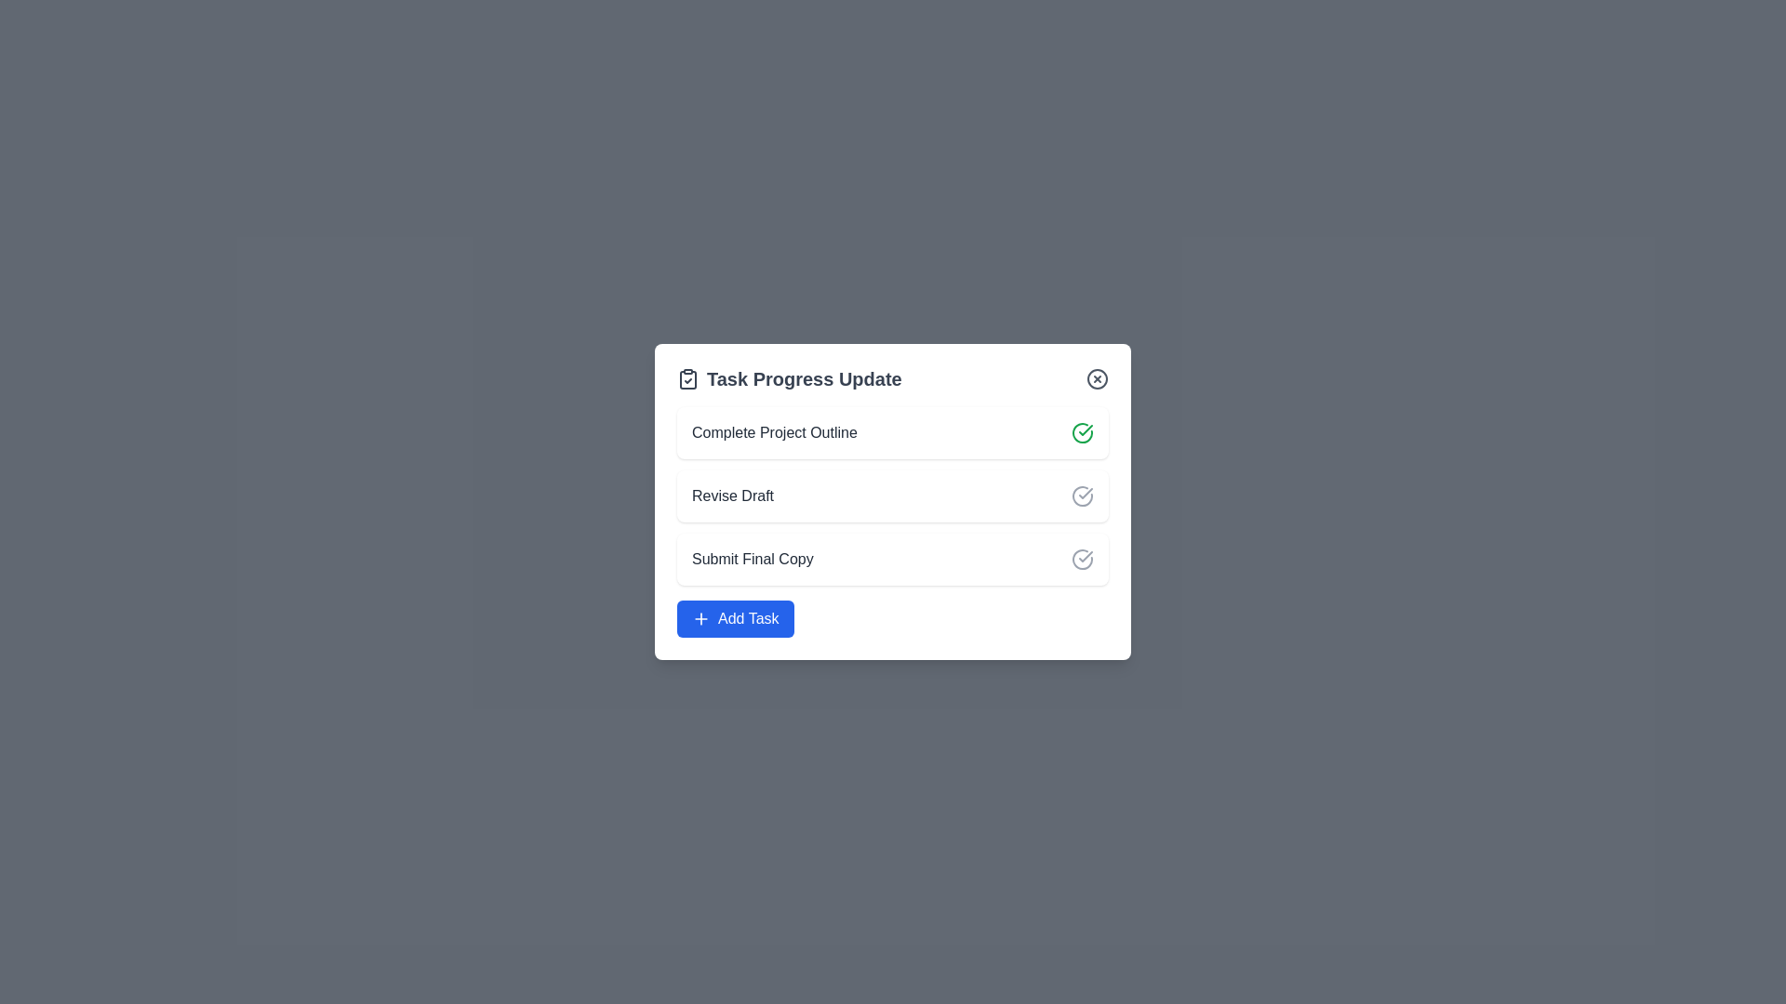  Describe the element at coordinates (1082, 433) in the screenshot. I see `the green circular check mark icon located at the far right of the 'Complete Project Outline' item in the task list` at that location.